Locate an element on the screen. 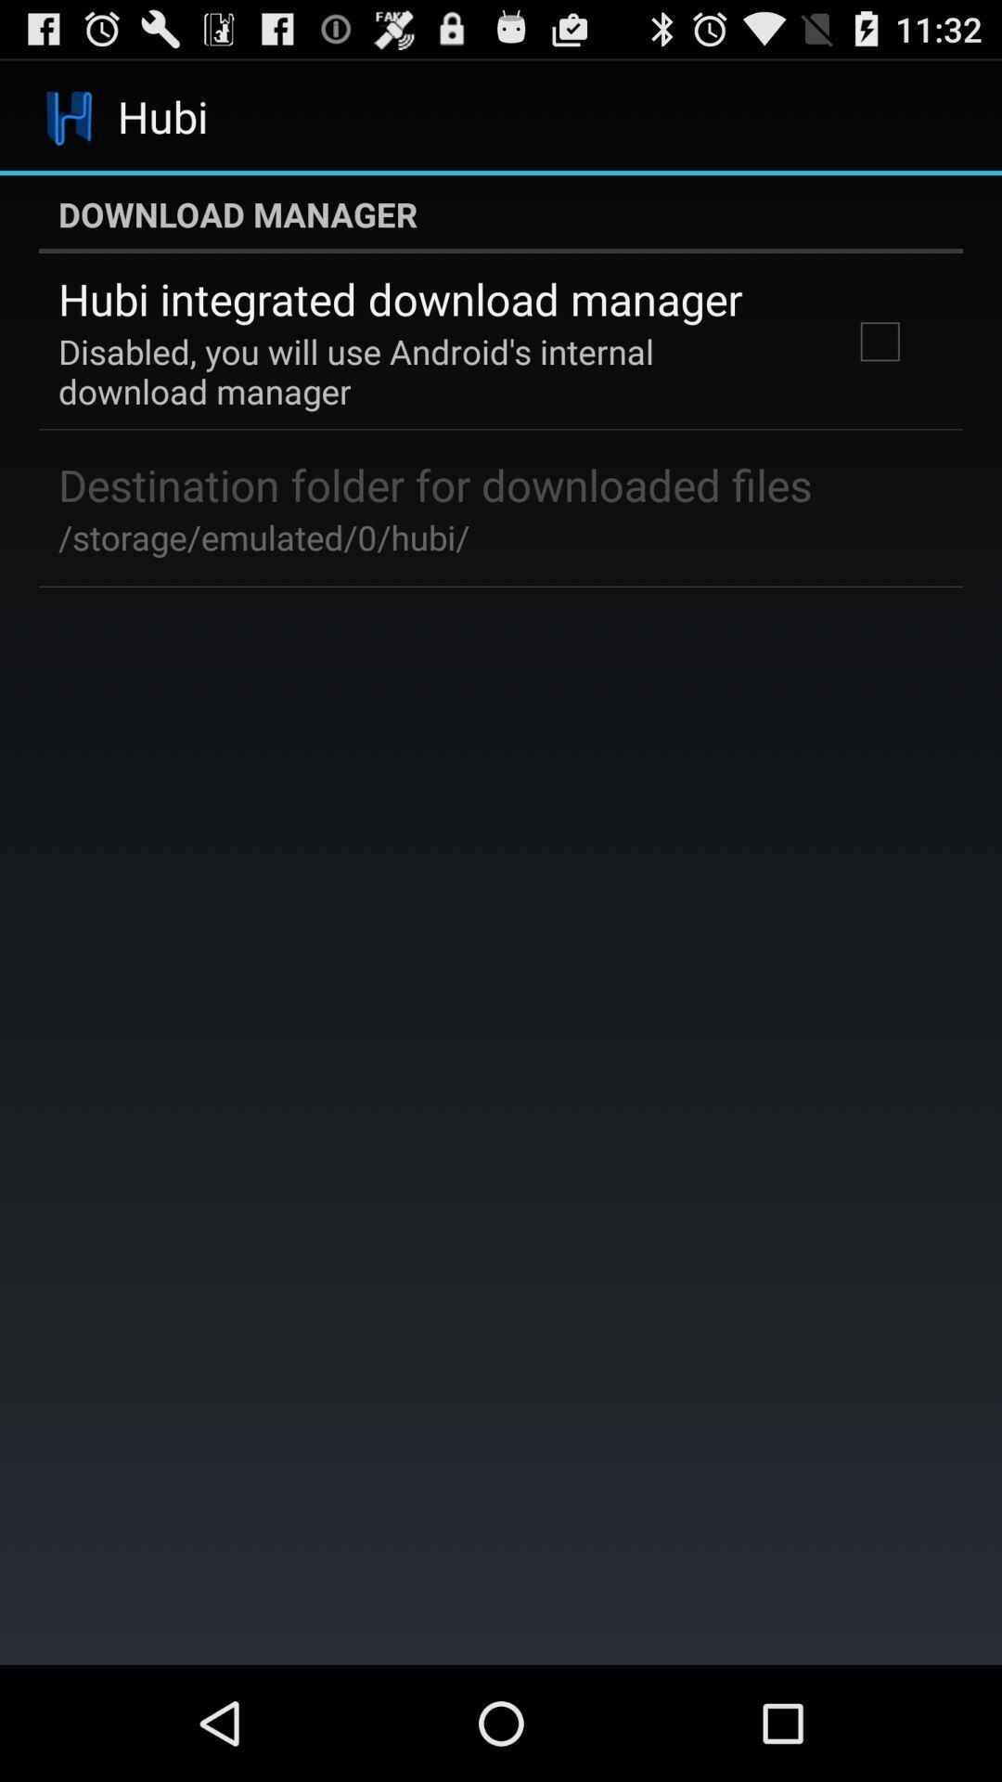 This screenshot has width=1002, height=1782. the storage emulated 0 is located at coordinates (263, 536).